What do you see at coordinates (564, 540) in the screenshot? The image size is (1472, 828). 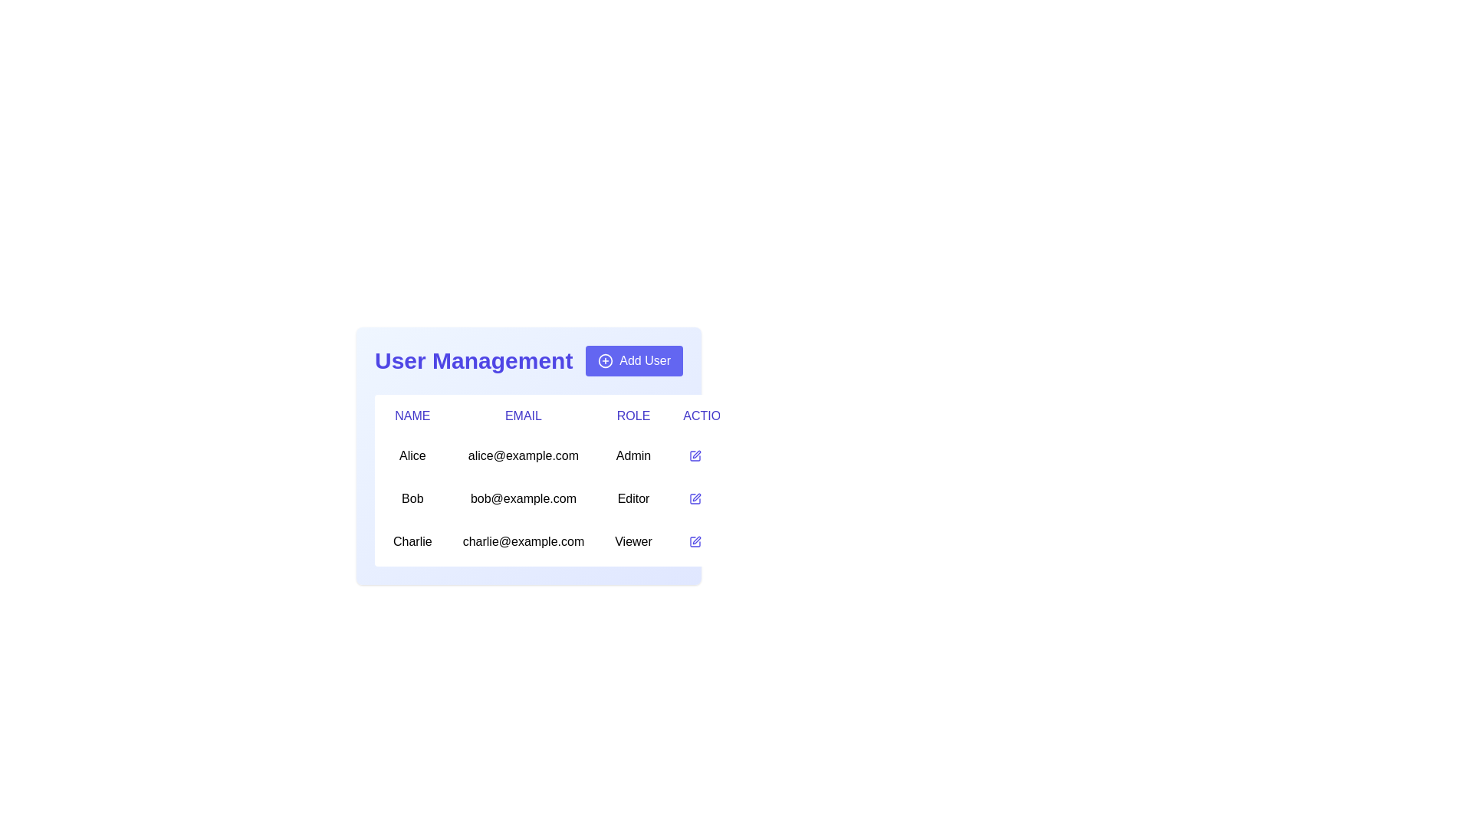 I see `the pencil icon at the end of the user management table row corresponding to user Charlie` at bounding box center [564, 540].